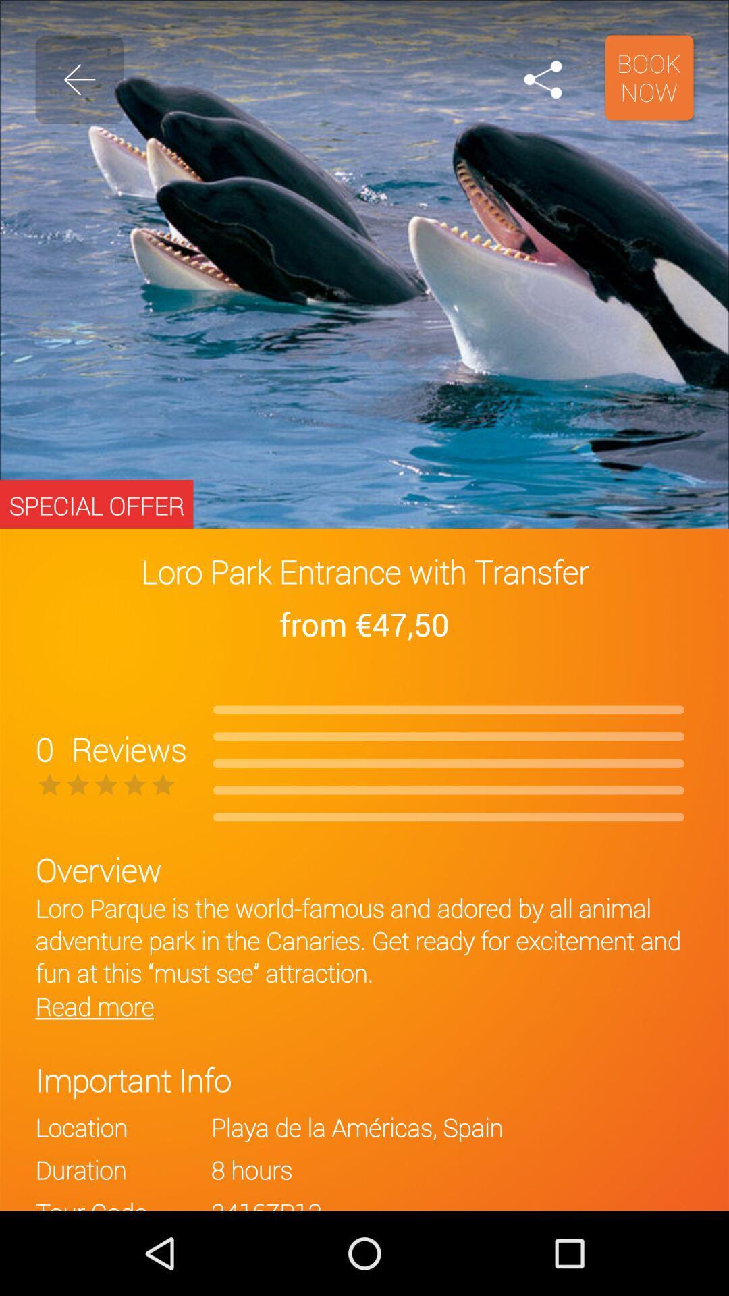 This screenshot has height=1296, width=729. Describe the element at coordinates (542, 79) in the screenshot. I see `the share icon` at that location.